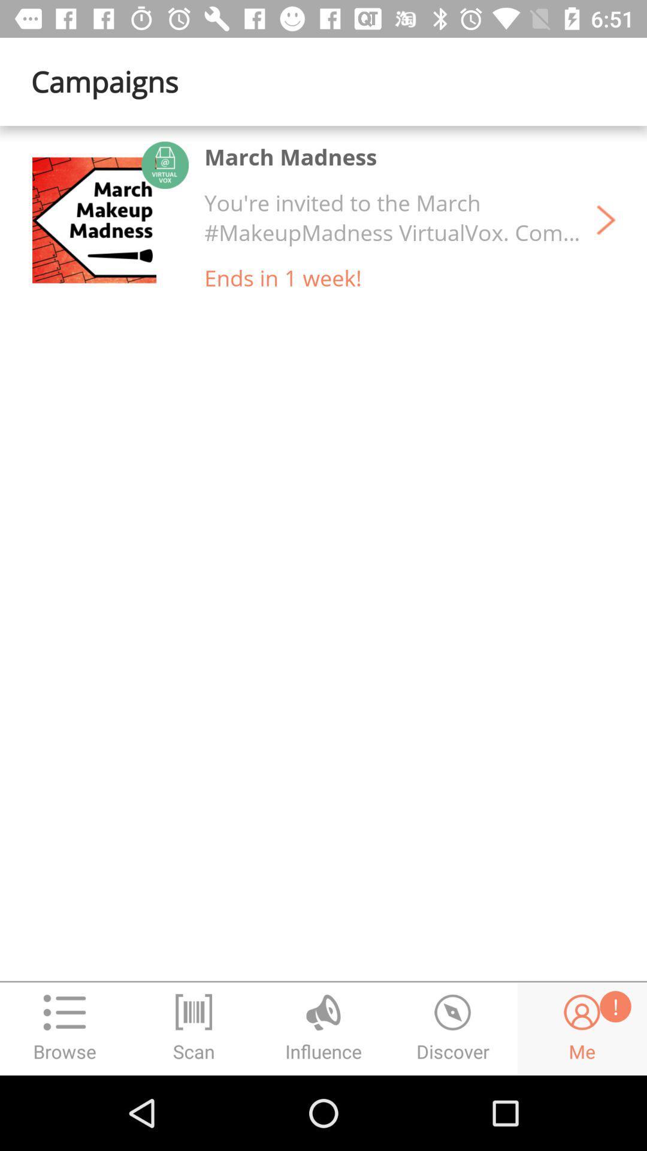  What do you see at coordinates (606, 220) in the screenshot?
I see `the item above the ! item` at bounding box center [606, 220].